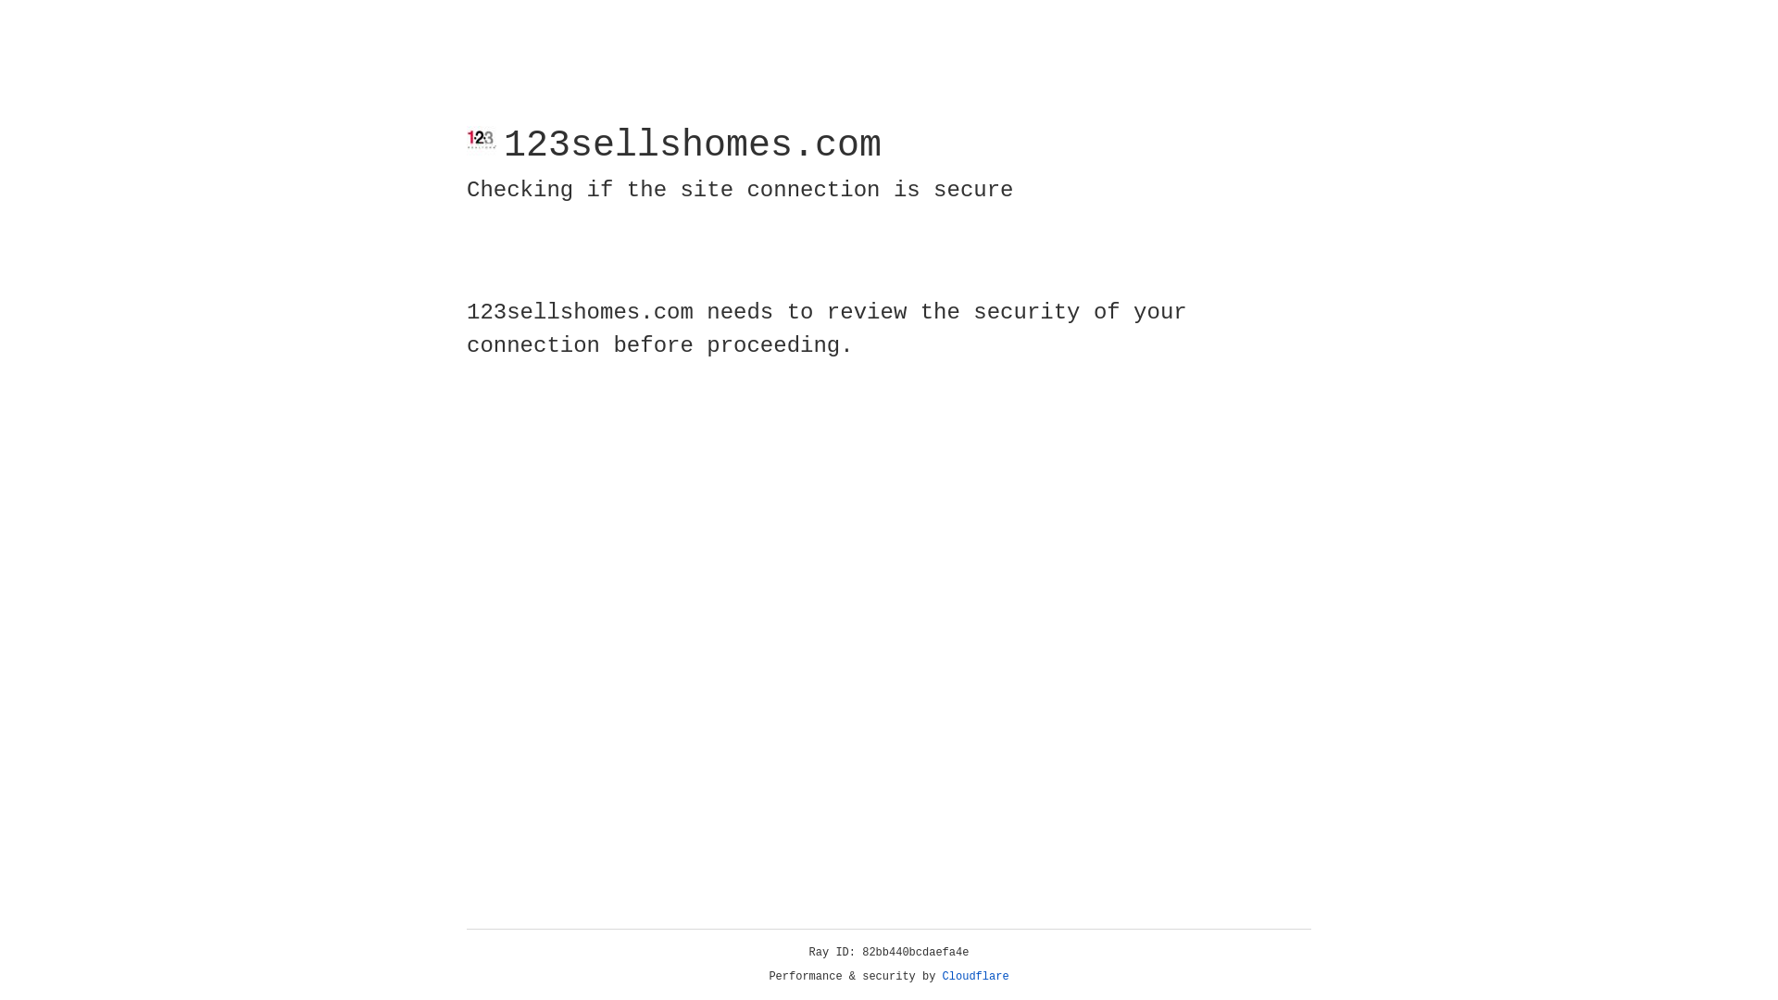 This screenshot has height=1000, width=1778. What do you see at coordinates (942, 976) in the screenshot?
I see `'Cloudflare'` at bounding box center [942, 976].